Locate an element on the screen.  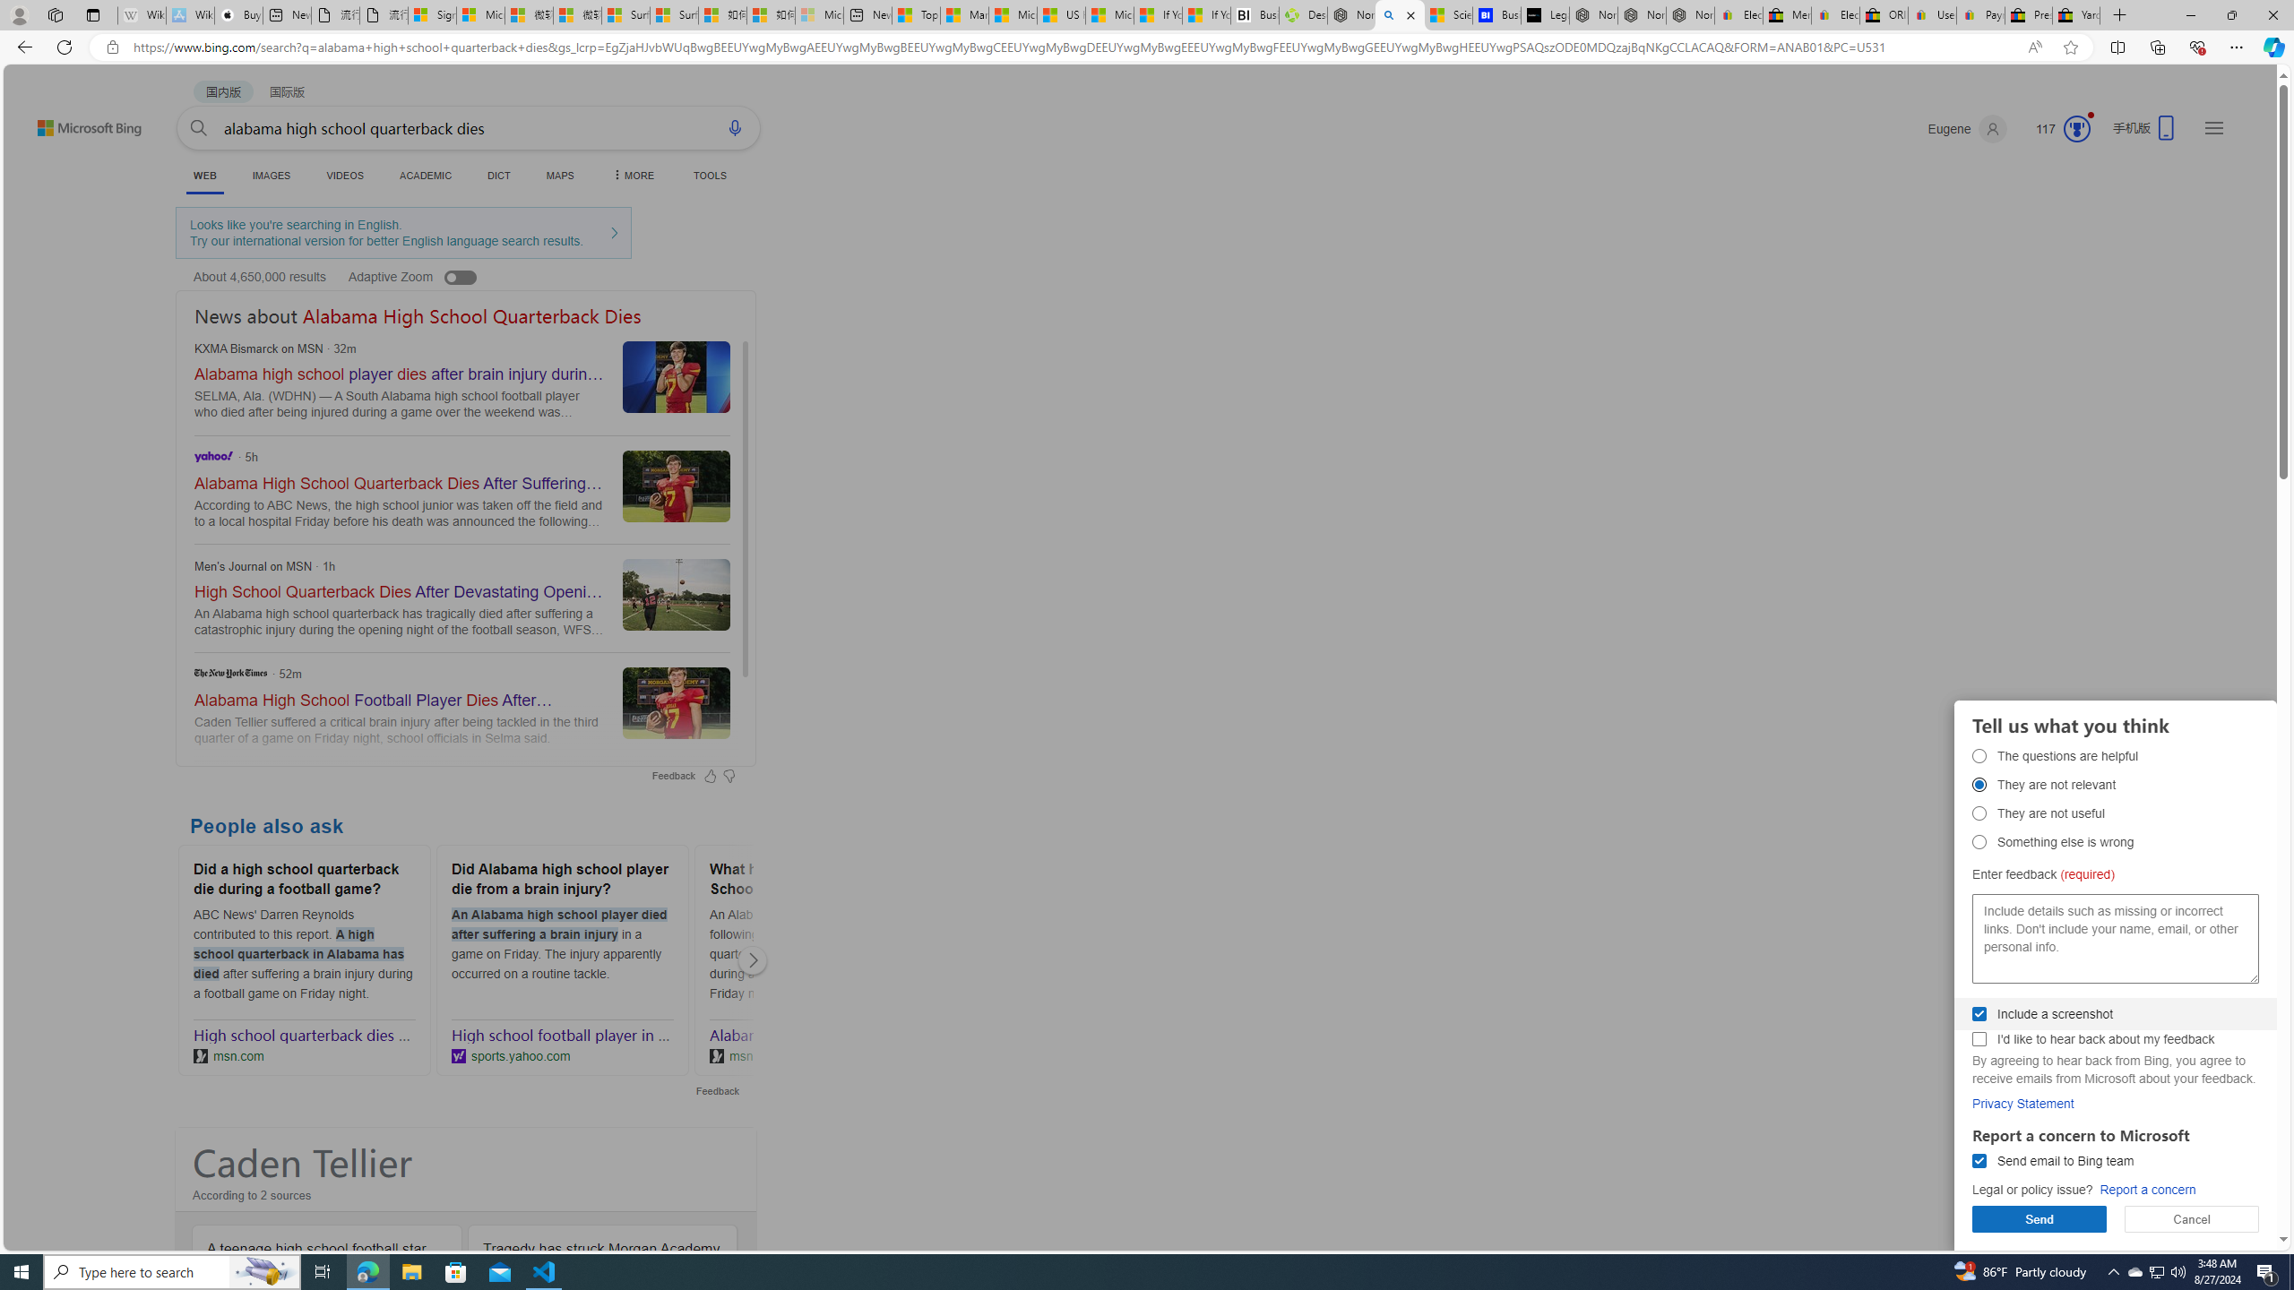
'Press Room - eBay Inc.' is located at coordinates (2028, 14).